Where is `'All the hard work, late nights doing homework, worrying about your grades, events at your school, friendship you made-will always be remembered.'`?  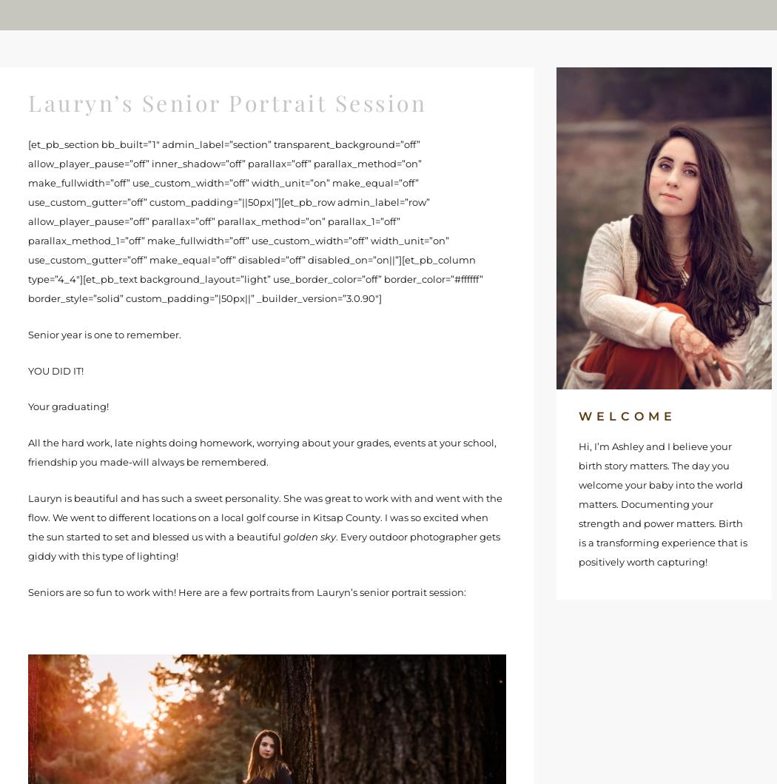 'All the hard work, late nights doing homework, worrying about your grades, events at your school, friendship you made-will always be remembered.' is located at coordinates (28, 452).